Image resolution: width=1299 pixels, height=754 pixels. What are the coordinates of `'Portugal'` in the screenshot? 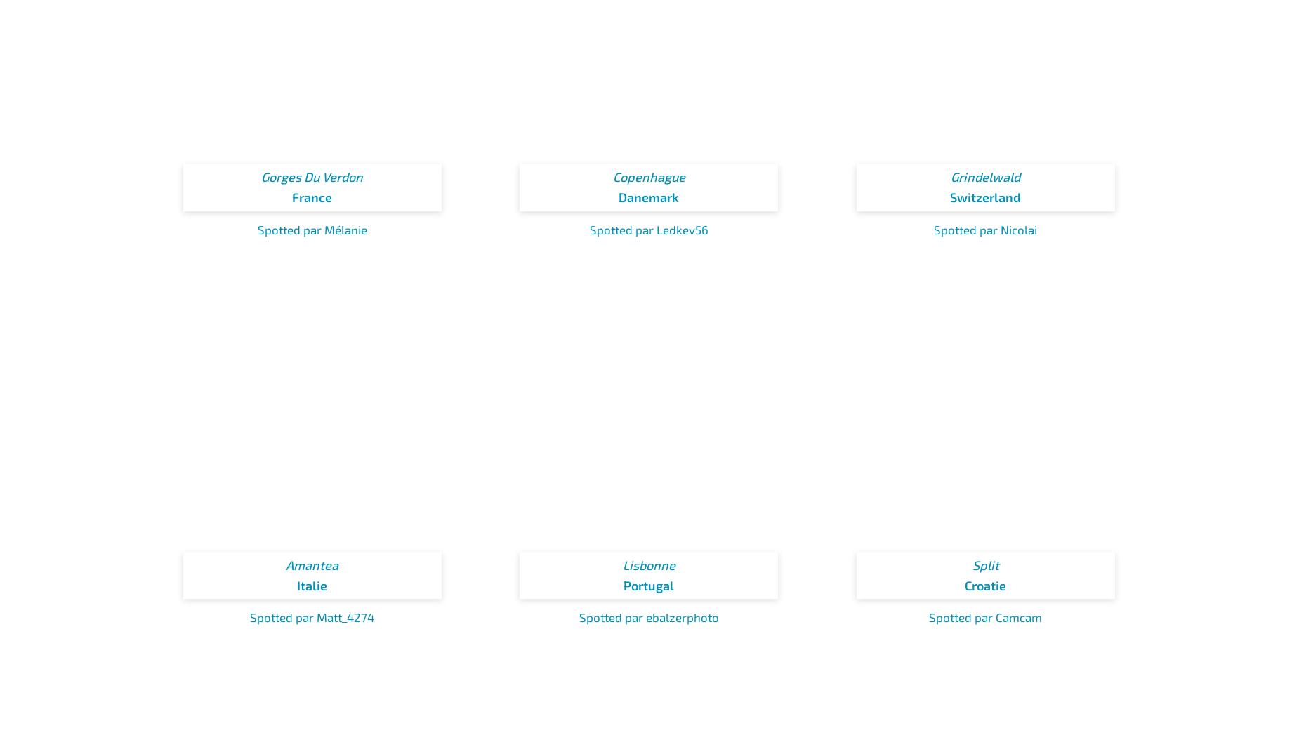 It's located at (649, 584).